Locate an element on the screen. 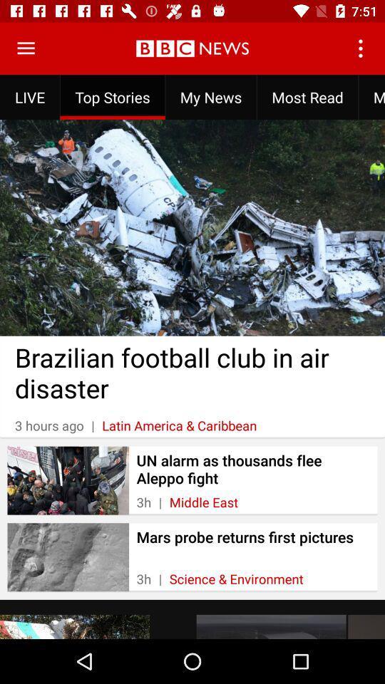 The width and height of the screenshot is (385, 684). icon to the left of the my news item is located at coordinates (112, 96).